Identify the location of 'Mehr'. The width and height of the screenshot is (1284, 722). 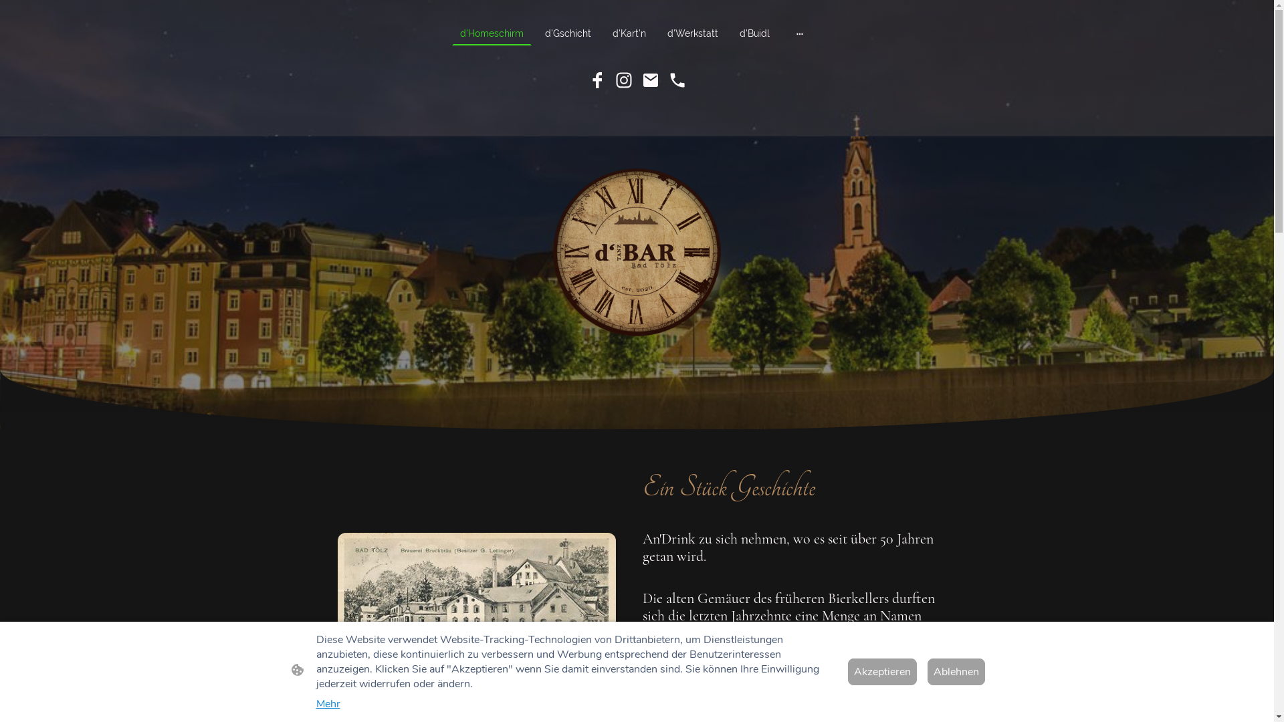
(327, 703).